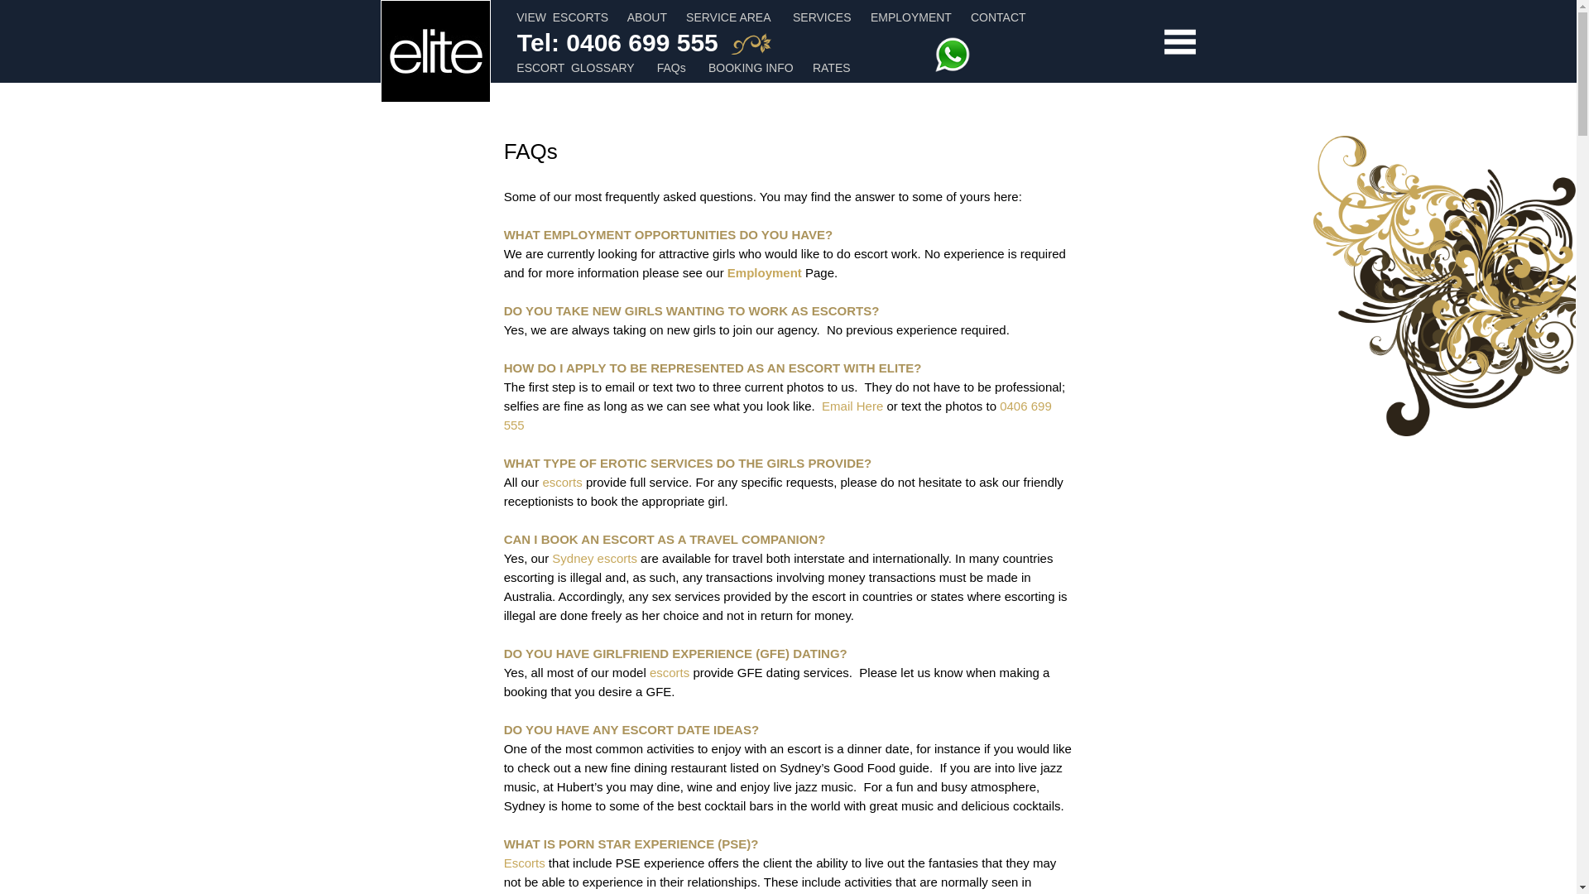  Describe the element at coordinates (523, 862) in the screenshot. I see `'Escorts'` at that location.